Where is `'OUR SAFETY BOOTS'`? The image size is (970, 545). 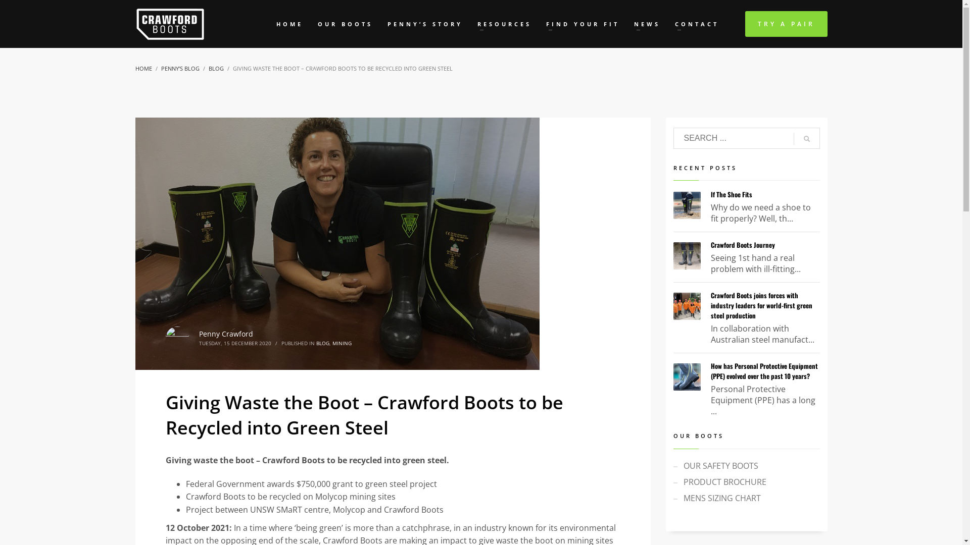 'OUR SAFETY BOOTS' is located at coordinates (746, 465).